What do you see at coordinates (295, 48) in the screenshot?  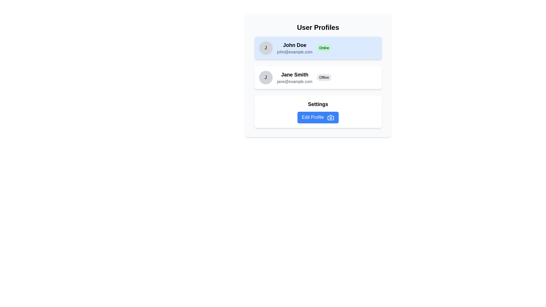 I see `the text label displaying the name 'John Doe' and email 'john@example.com', which is part of the user profile card positioned in the upper section of a list` at bounding box center [295, 48].